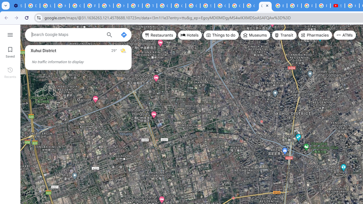  I want to click on 'Privacy Help Center - Policies Help', so click(294, 6).